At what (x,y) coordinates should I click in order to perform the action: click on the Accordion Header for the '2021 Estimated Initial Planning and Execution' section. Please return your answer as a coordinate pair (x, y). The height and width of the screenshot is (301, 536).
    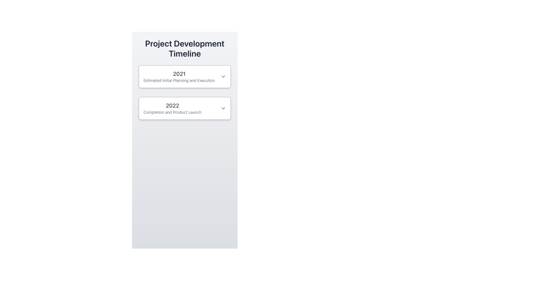
    Looking at the image, I should click on (185, 76).